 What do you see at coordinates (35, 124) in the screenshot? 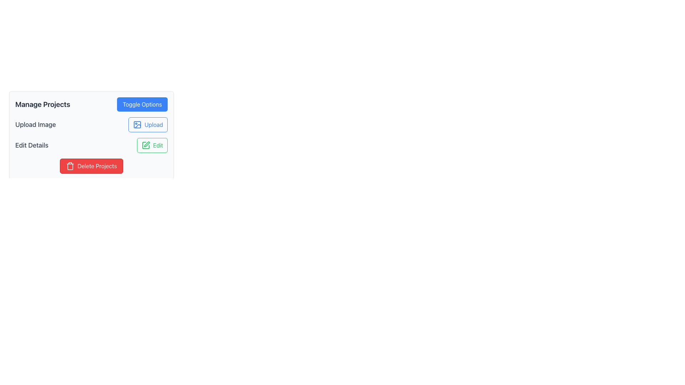
I see `the Text Label that indicates the purpose of the associated 'Upload' button to trigger a tooltip` at bounding box center [35, 124].